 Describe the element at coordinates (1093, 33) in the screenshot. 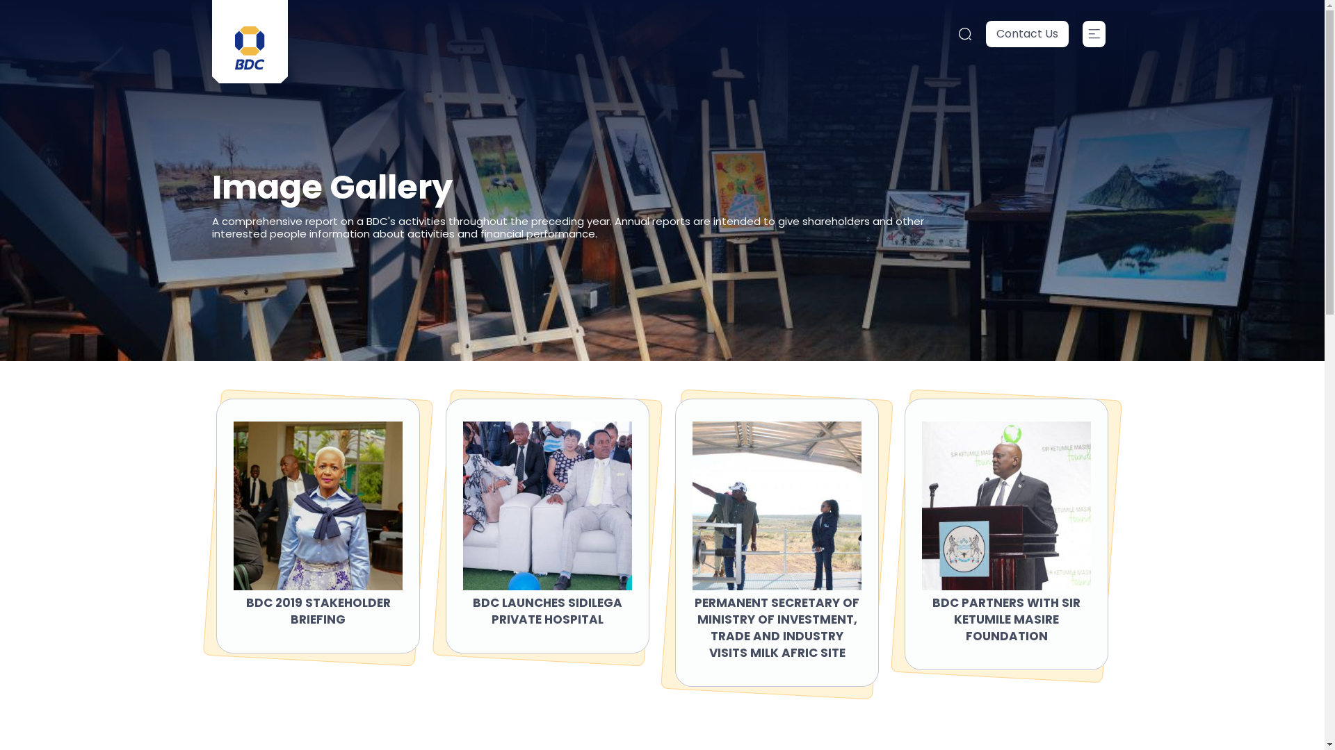

I see `'.'` at that location.